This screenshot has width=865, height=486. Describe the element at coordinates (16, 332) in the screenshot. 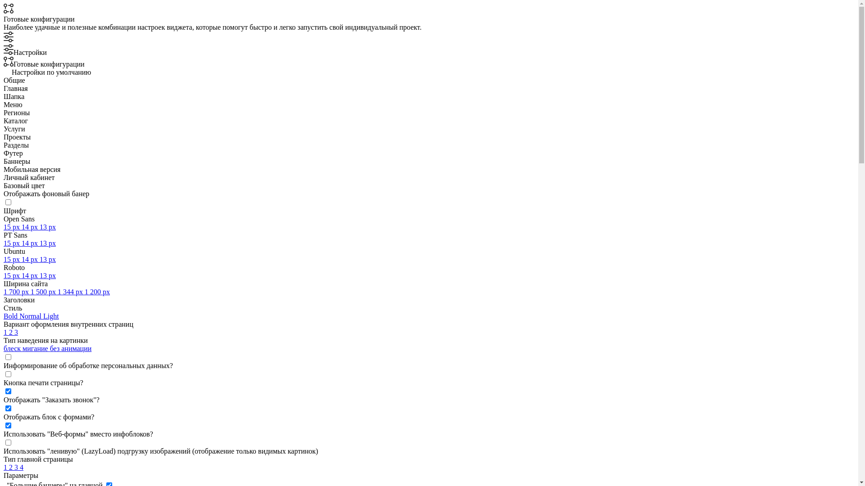

I see `'3'` at that location.